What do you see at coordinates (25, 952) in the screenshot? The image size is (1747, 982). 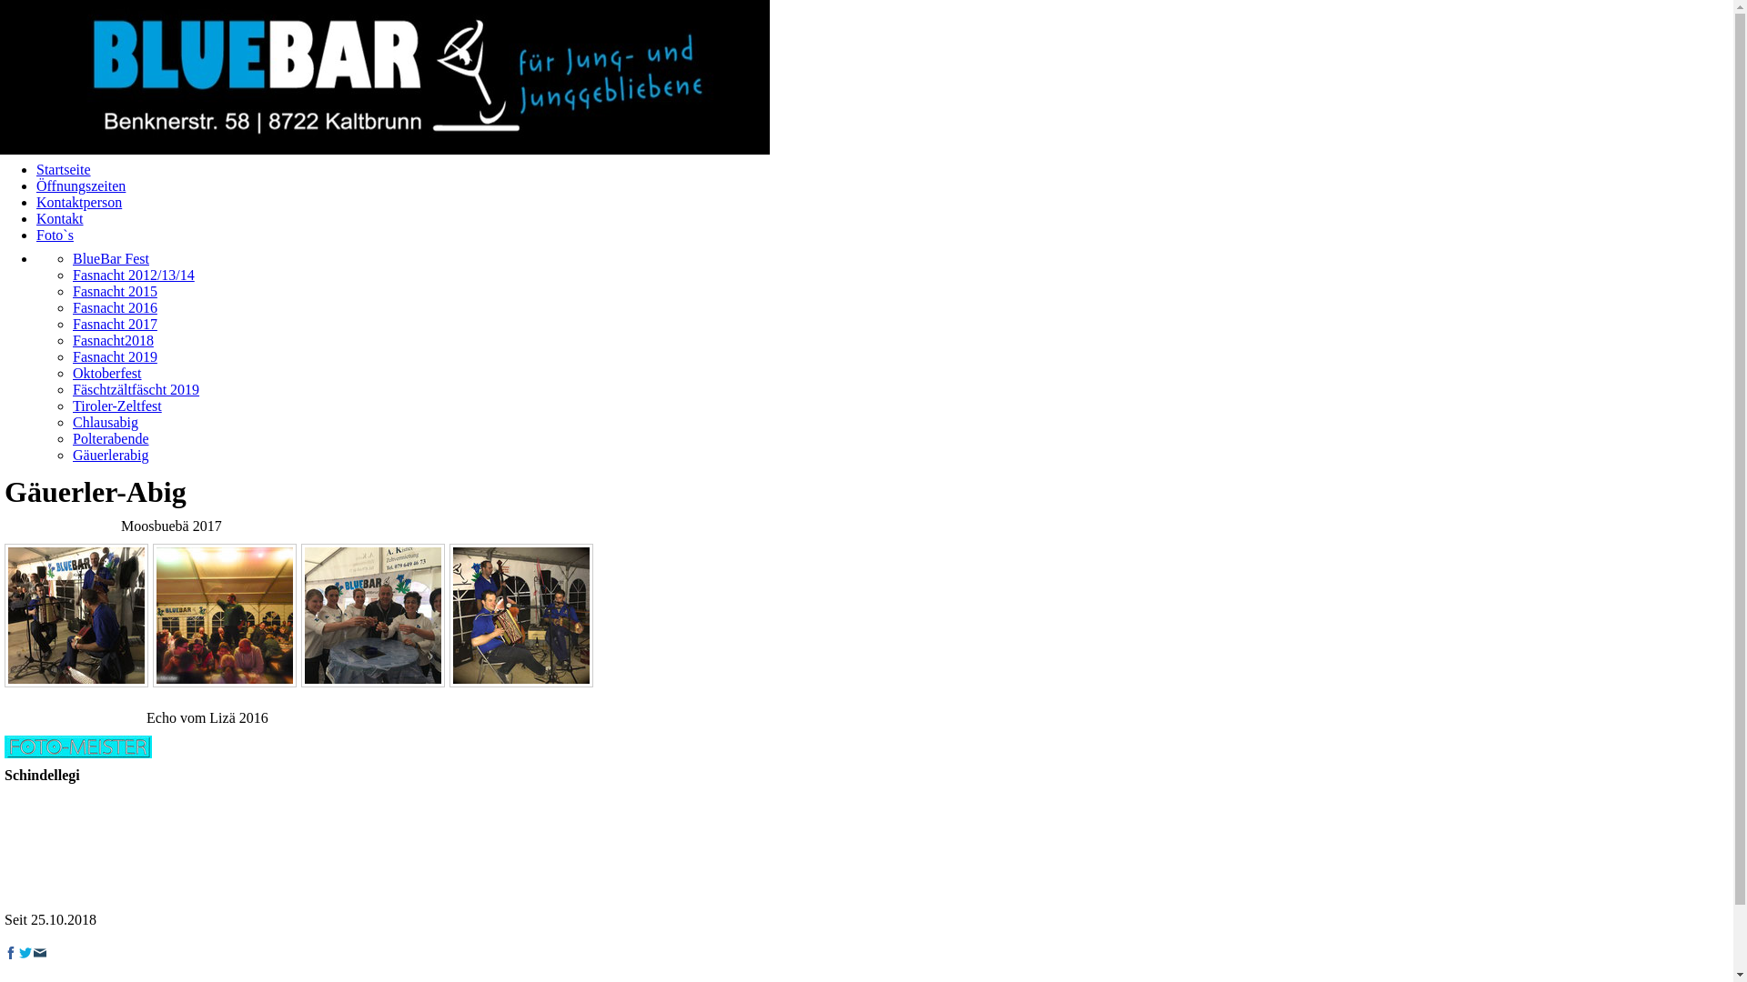 I see `'Twitter'` at bounding box center [25, 952].